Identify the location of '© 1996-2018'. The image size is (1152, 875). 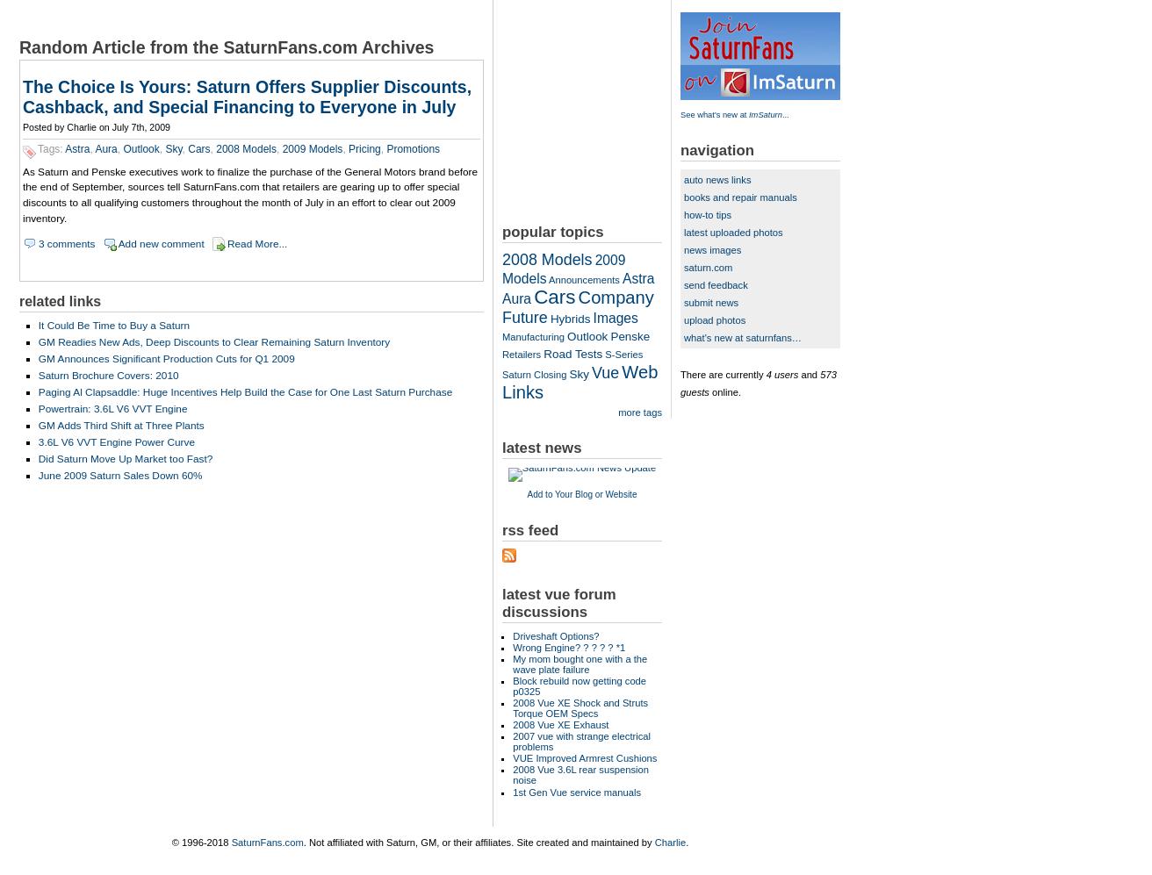
(199, 841).